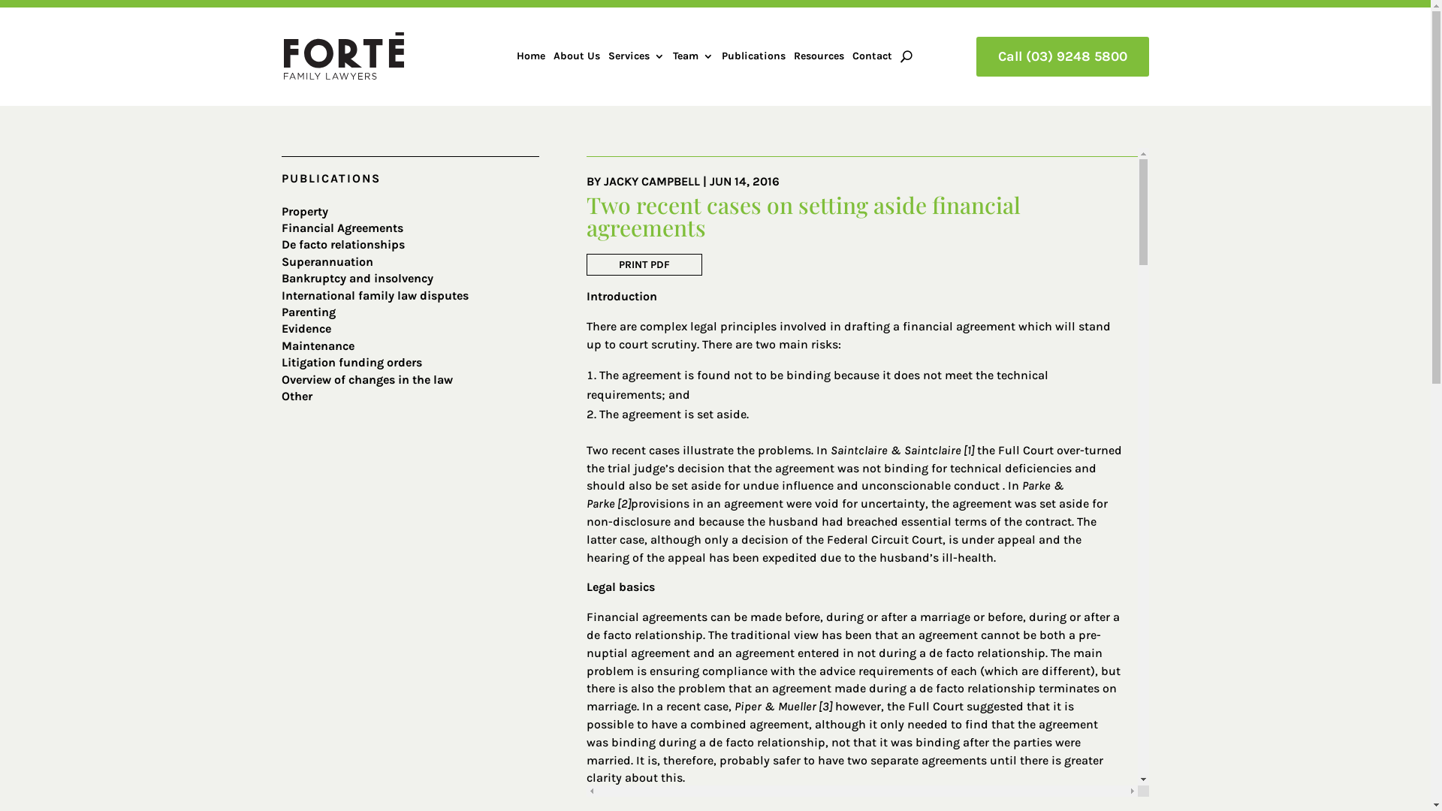 The height and width of the screenshot is (811, 1442). What do you see at coordinates (297, 395) in the screenshot?
I see `'Other'` at bounding box center [297, 395].